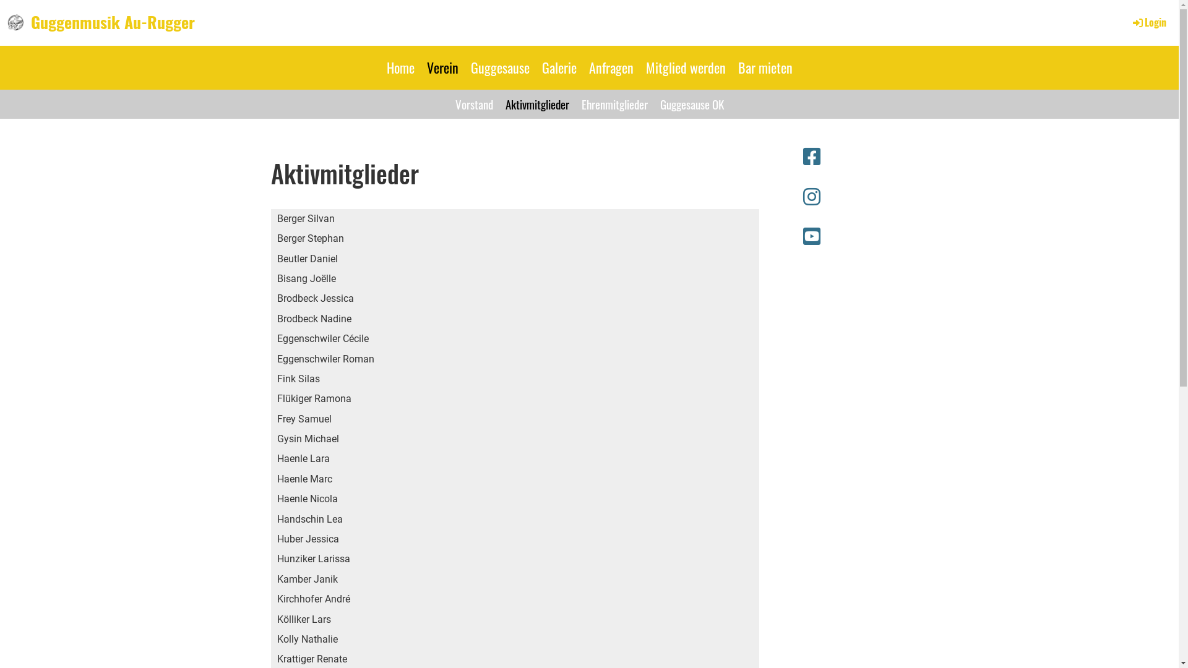 The width and height of the screenshot is (1188, 668). I want to click on 'Beutler Daniel', so click(270, 259).